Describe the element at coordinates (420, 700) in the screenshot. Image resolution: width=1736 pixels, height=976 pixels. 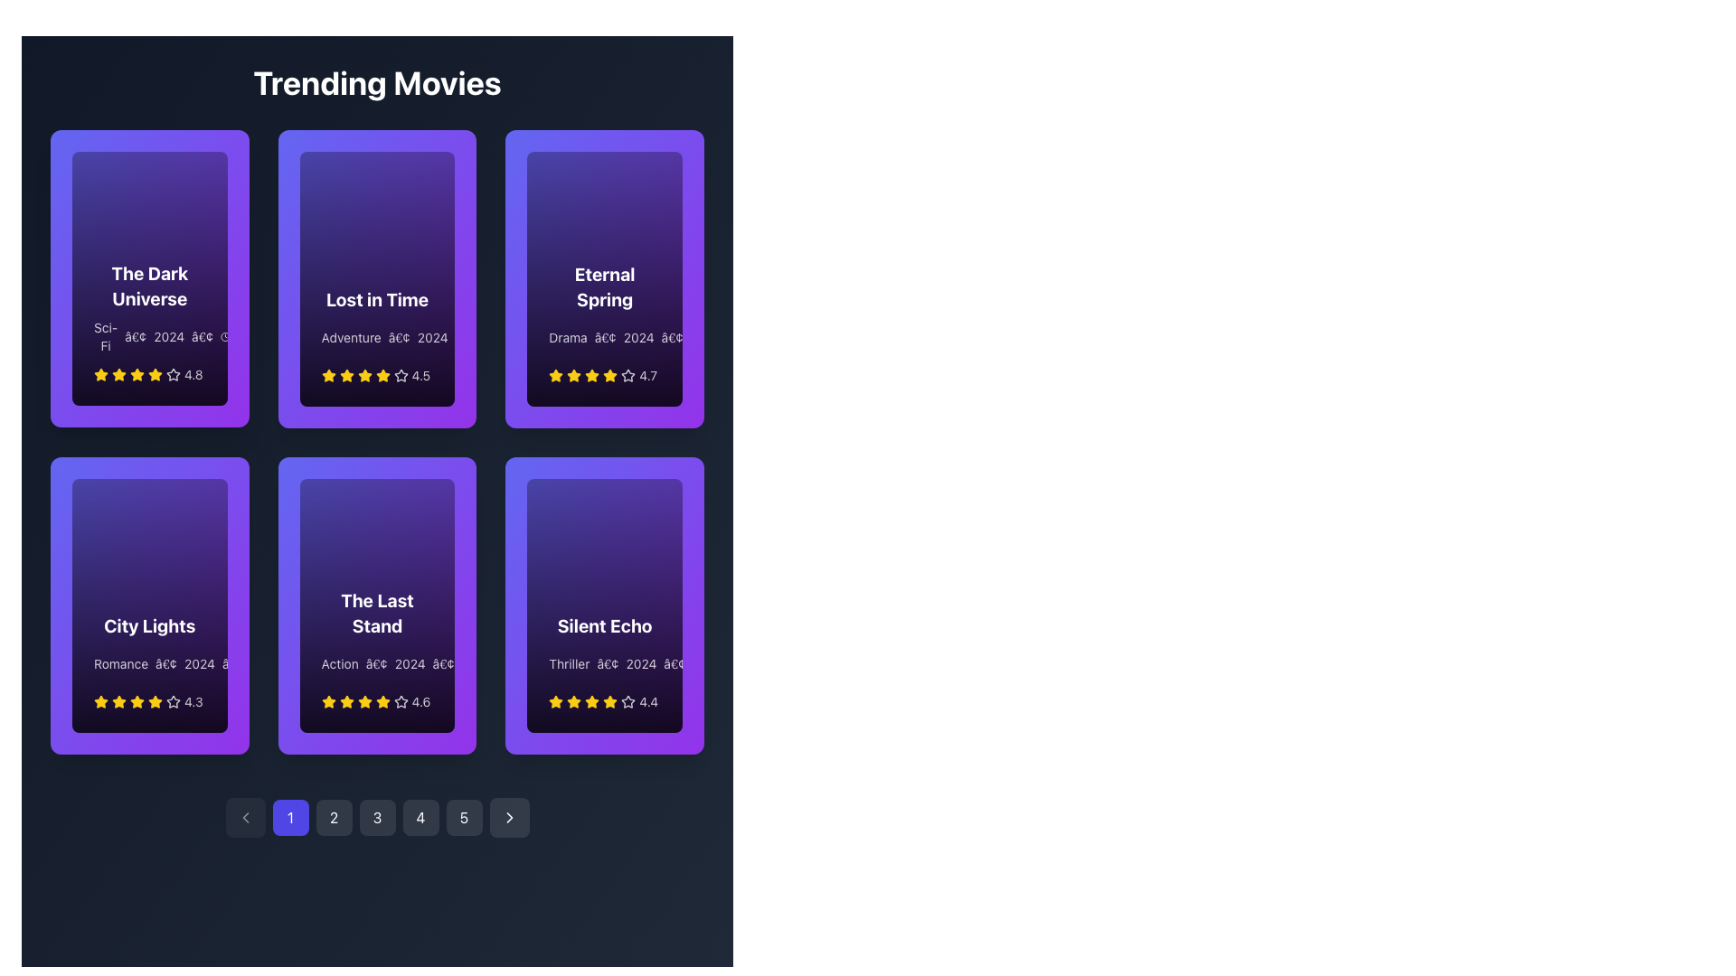
I see `displayed rating value of the text label showing '4.6', which is positioned under the movie card labeled 'The Last Stand' in the second row of the grid` at that location.